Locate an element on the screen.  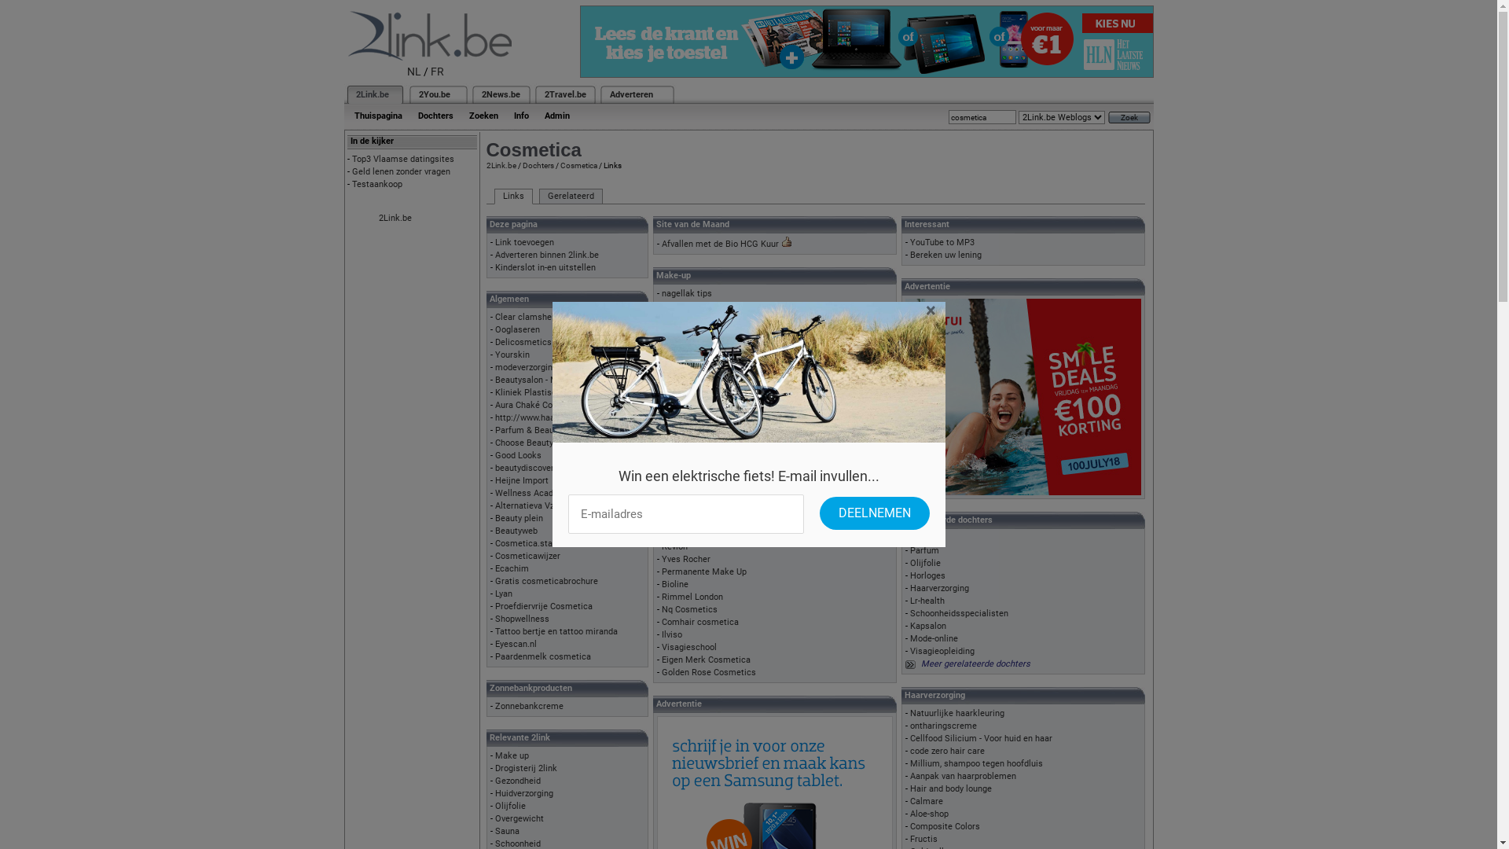
'2Link.be' is located at coordinates (371, 94).